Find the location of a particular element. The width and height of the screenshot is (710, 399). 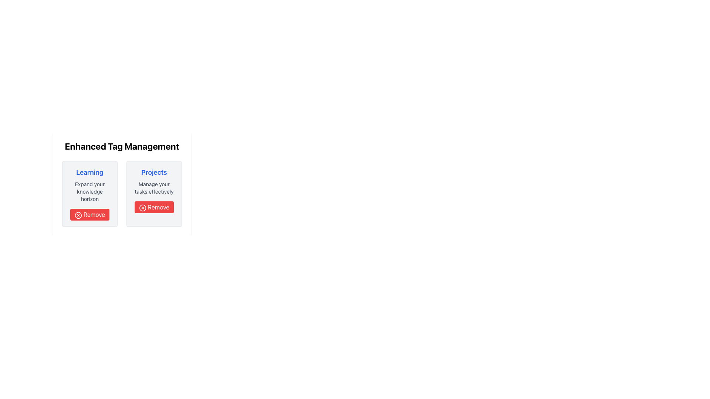

text element labeled 'Projects' located in the second column of the Enhanced Tag Management section, positioned above 'Manage your tasks effectively' is located at coordinates (154, 172).